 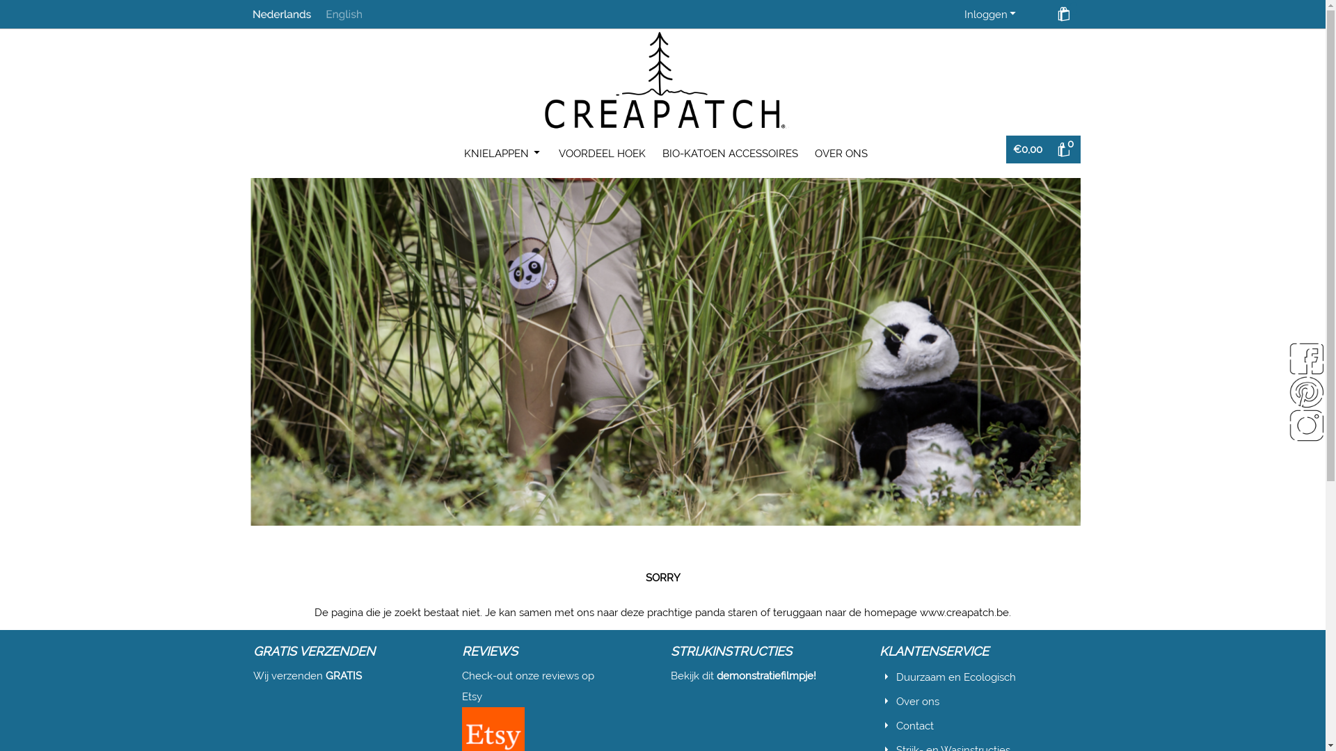 What do you see at coordinates (601, 153) in the screenshot?
I see `'VOORDEEL HOEK'` at bounding box center [601, 153].